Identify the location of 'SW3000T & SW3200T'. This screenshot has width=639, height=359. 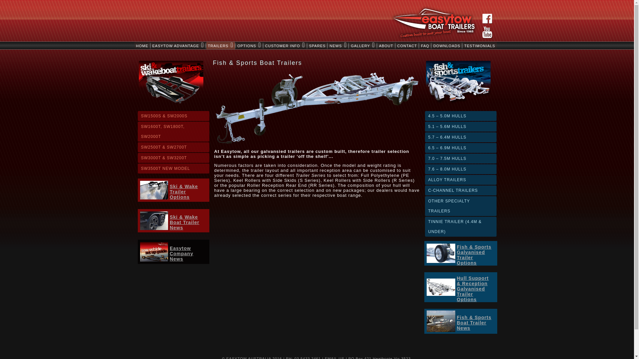
(173, 158).